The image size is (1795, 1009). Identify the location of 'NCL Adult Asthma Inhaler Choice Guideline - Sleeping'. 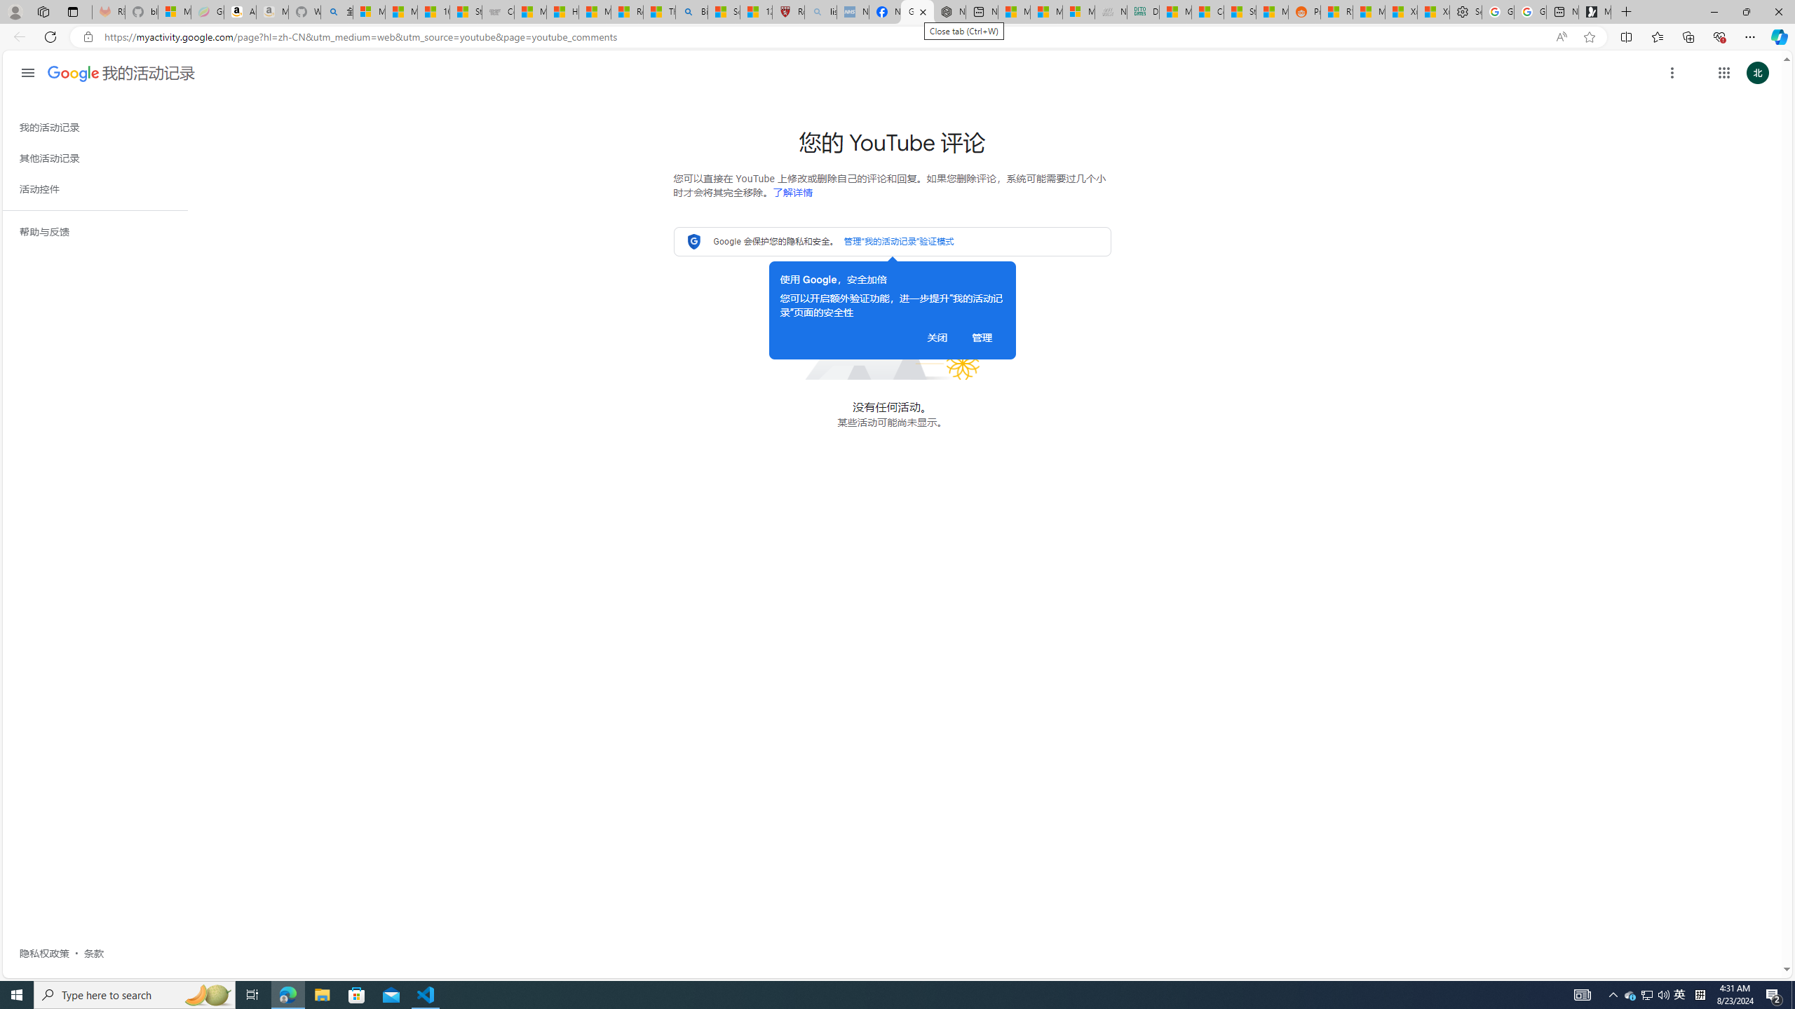
(853, 11).